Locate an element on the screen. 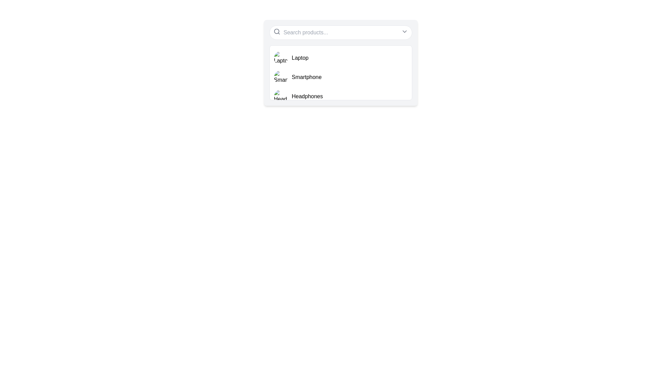  the 'Smartphone' text label, which is styled in bold medium gray and located in the dropdown menu of product categories is located at coordinates (306, 77).